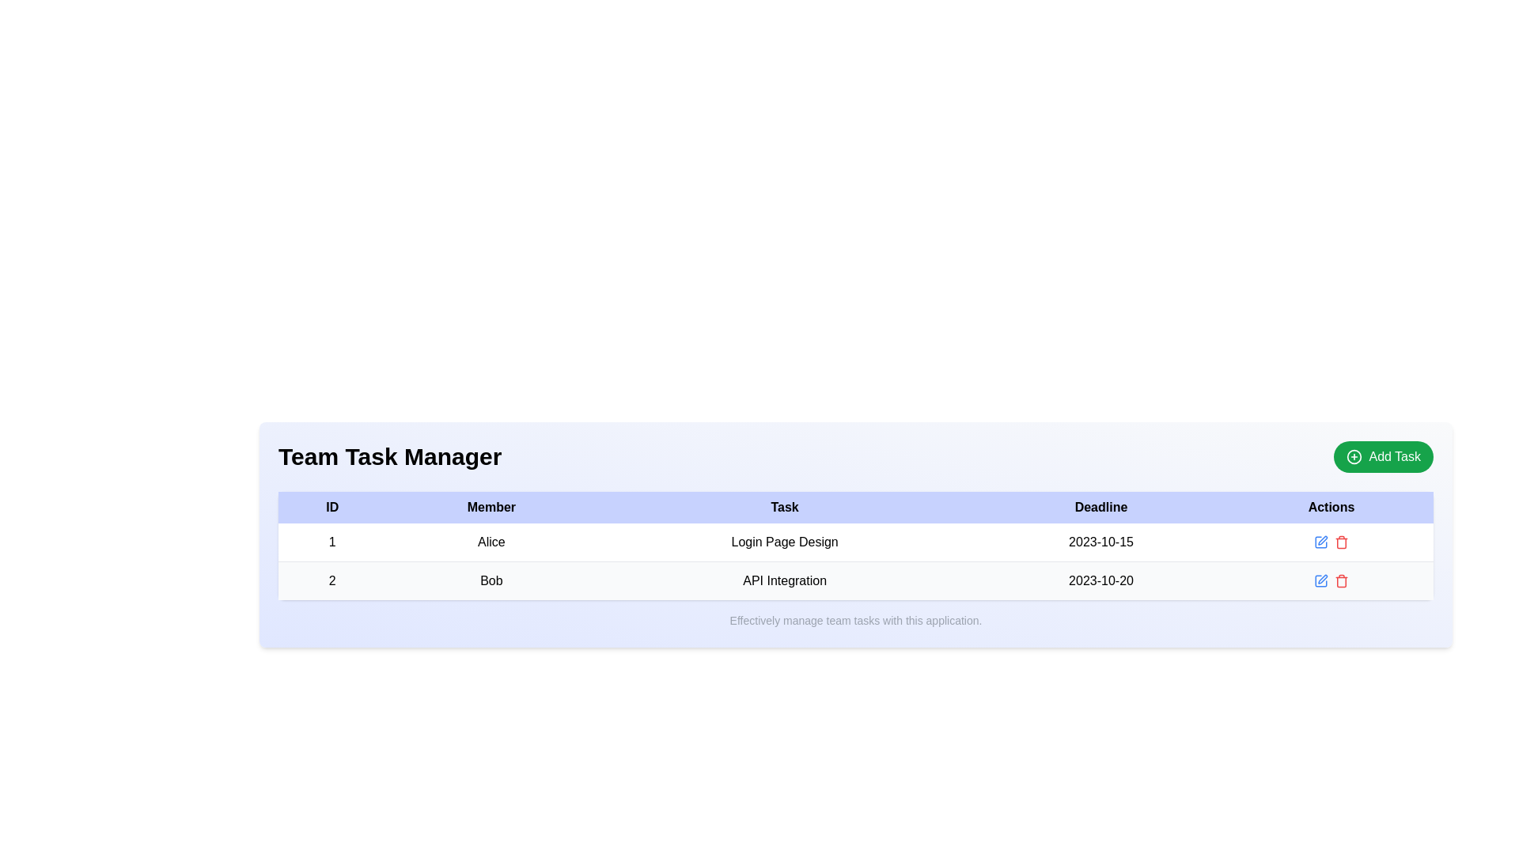 This screenshot has width=1519, height=854. I want to click on the Table cell (td) displaying identification data for the first row, marked as item '1', located under the 'ID' column, so click(331, 542).